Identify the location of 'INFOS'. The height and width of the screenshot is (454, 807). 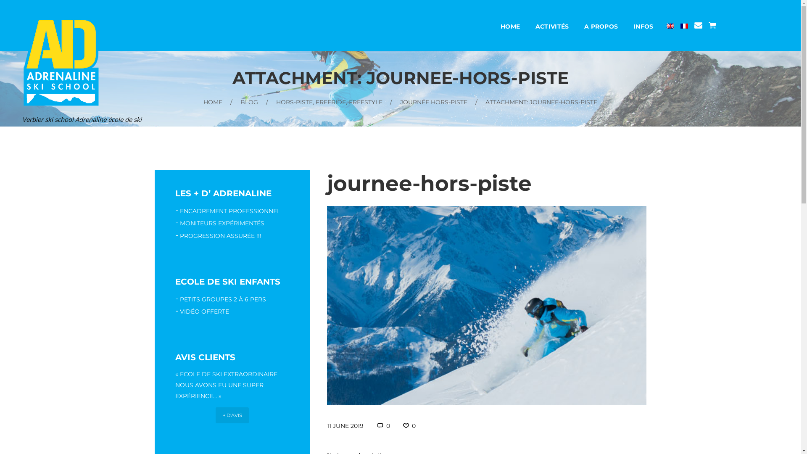
(643, 27).